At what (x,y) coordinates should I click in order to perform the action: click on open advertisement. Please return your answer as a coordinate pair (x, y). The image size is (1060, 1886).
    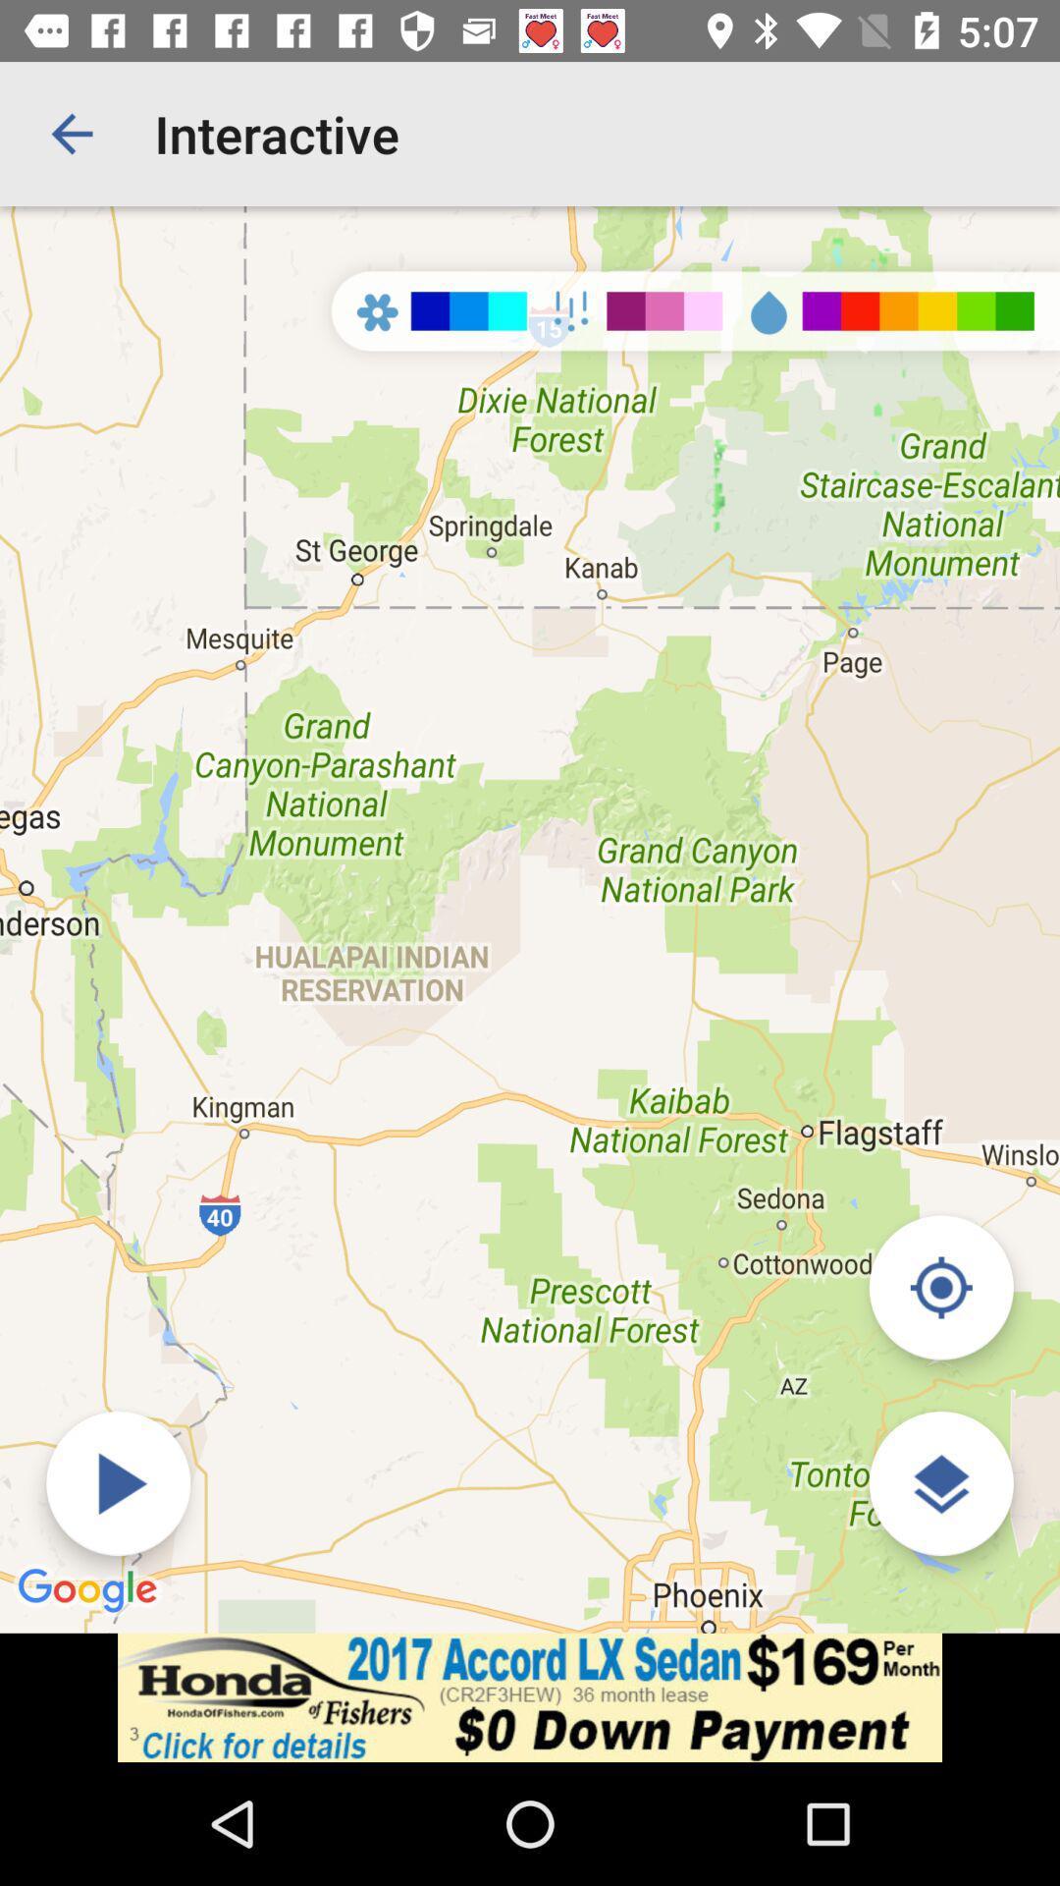
    Looking at the image, I should click on (530, 1696).